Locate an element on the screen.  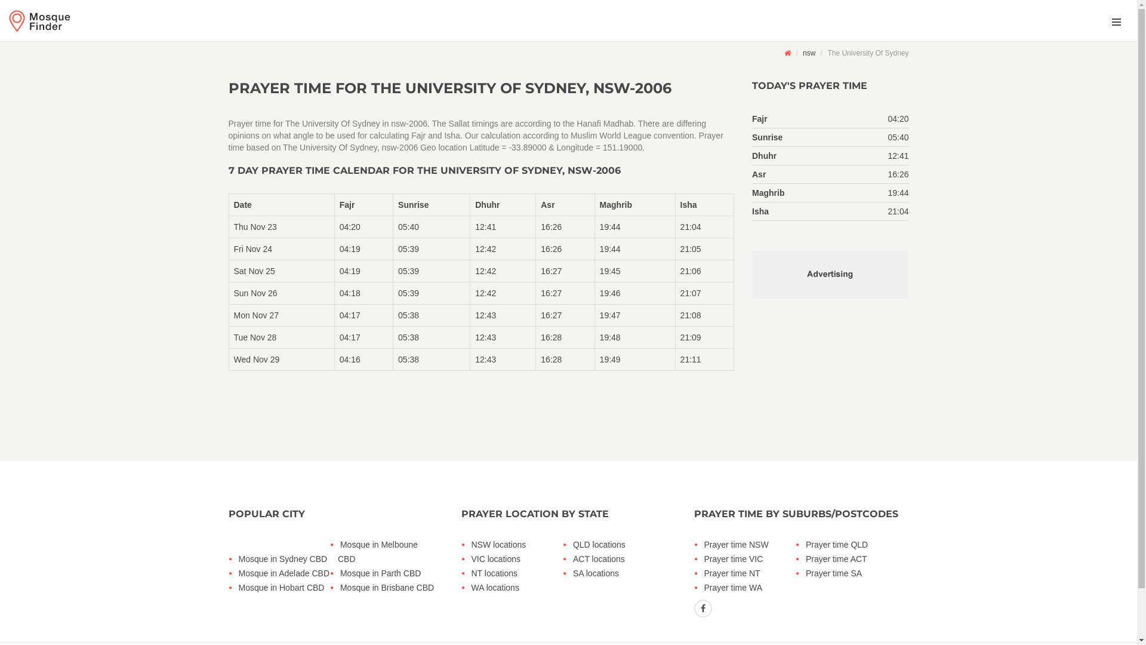
'QLD locations' is located at coordinates (620, 544).